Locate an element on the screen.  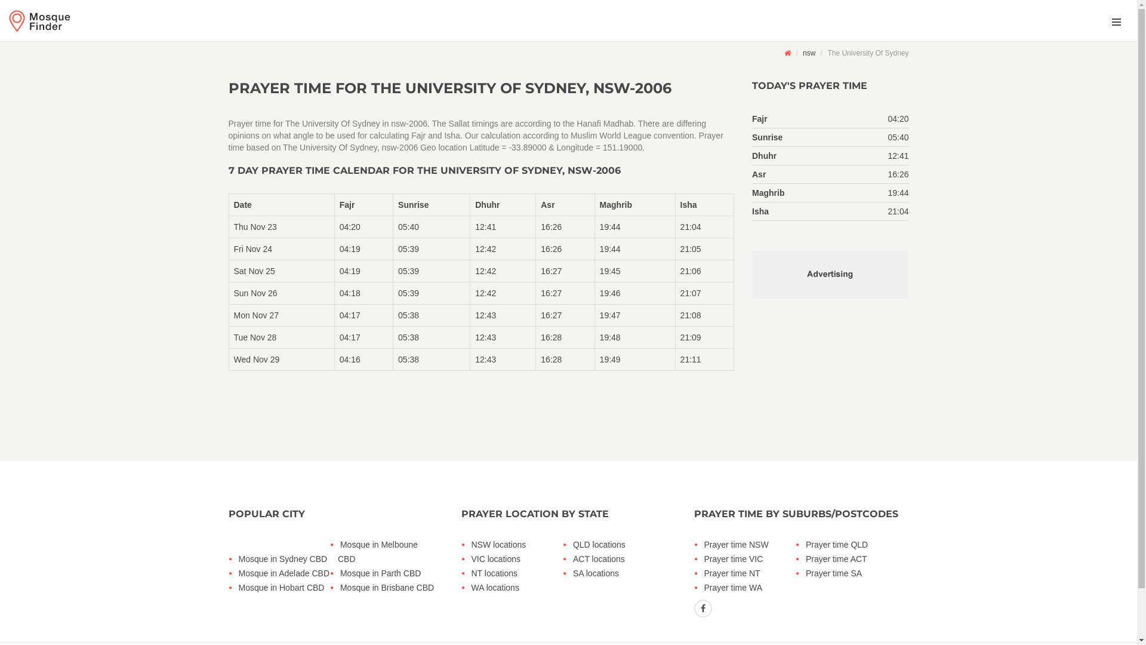
'QLD locations' is located at coordinates (620, 544).